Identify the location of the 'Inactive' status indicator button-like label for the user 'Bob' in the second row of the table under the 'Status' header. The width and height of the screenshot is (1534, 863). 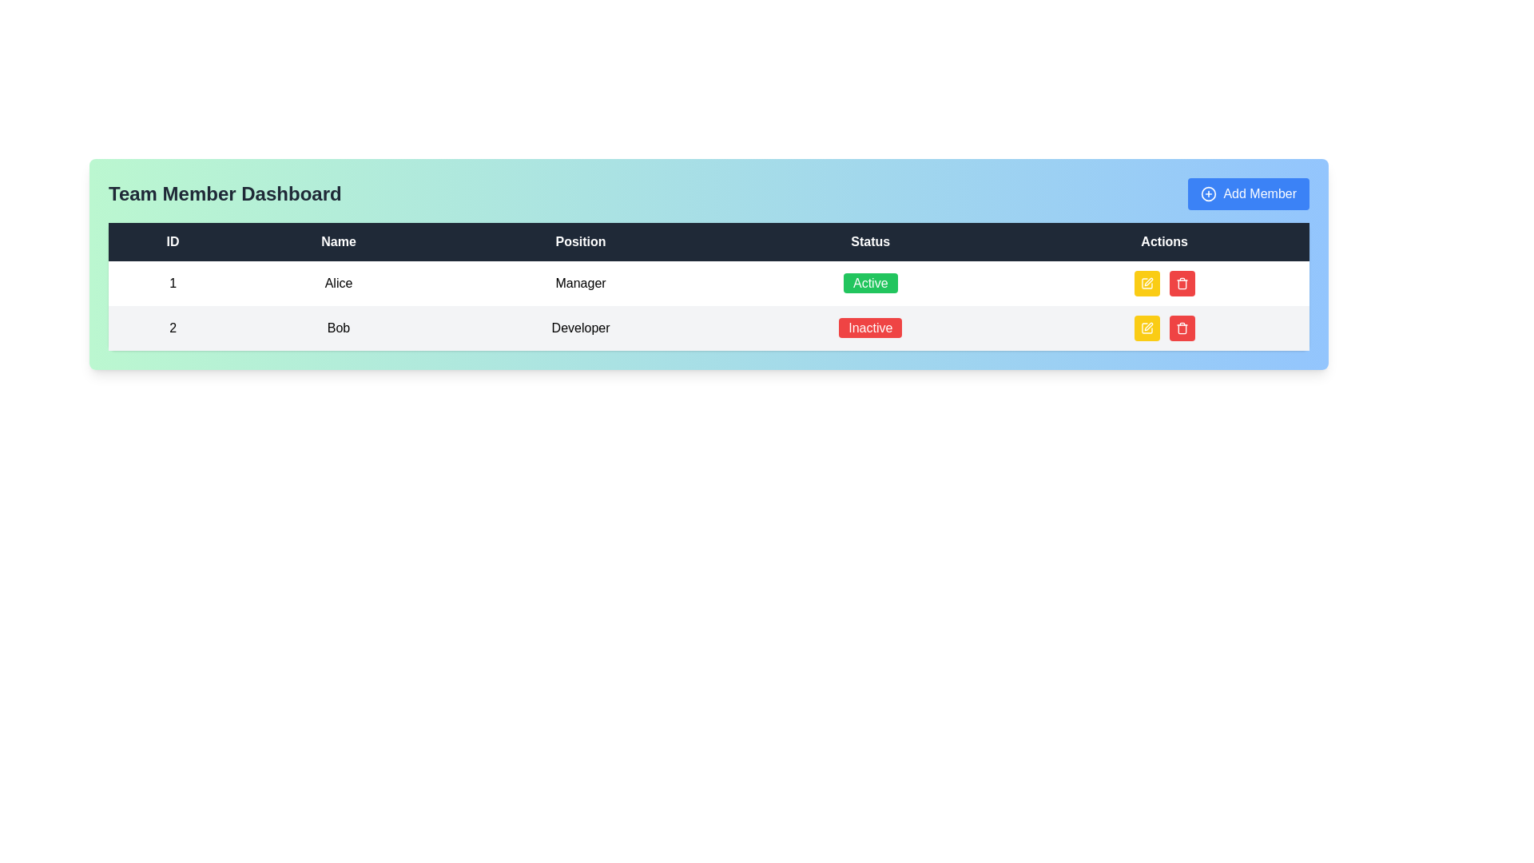
(869, 328).